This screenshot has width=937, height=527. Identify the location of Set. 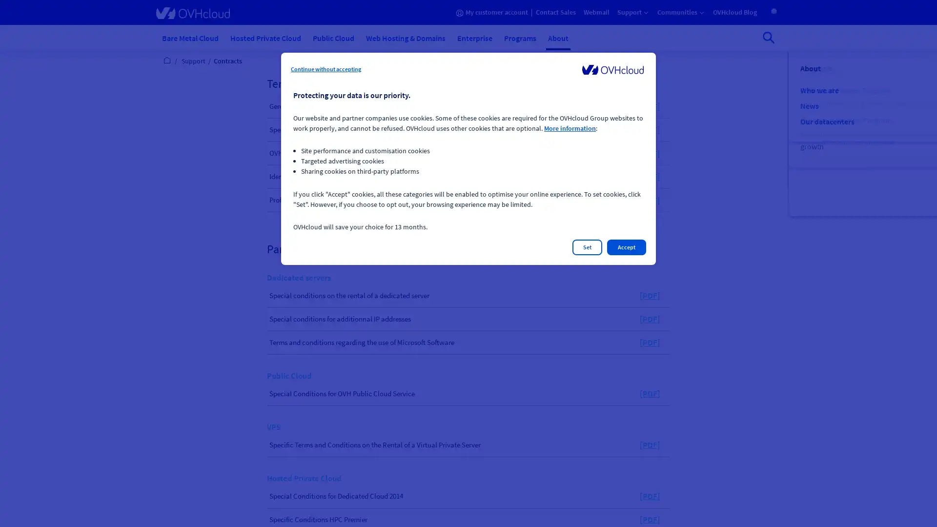
(587, 246).